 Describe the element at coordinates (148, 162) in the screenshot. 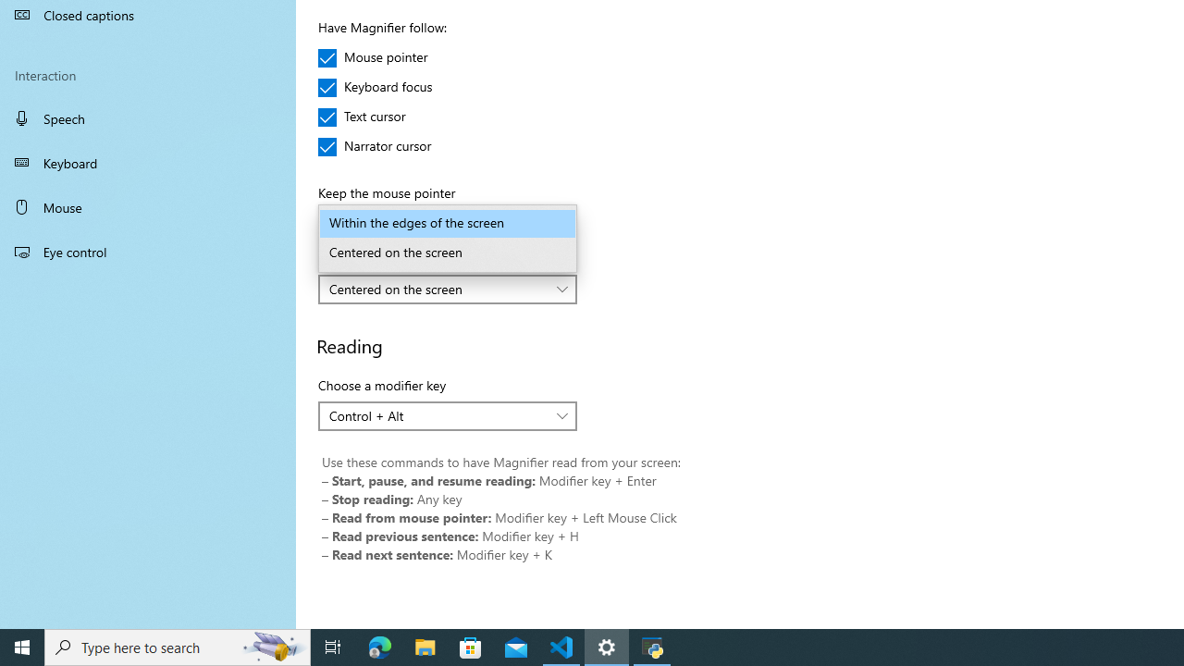

I see `'Keyboard'` at that location.